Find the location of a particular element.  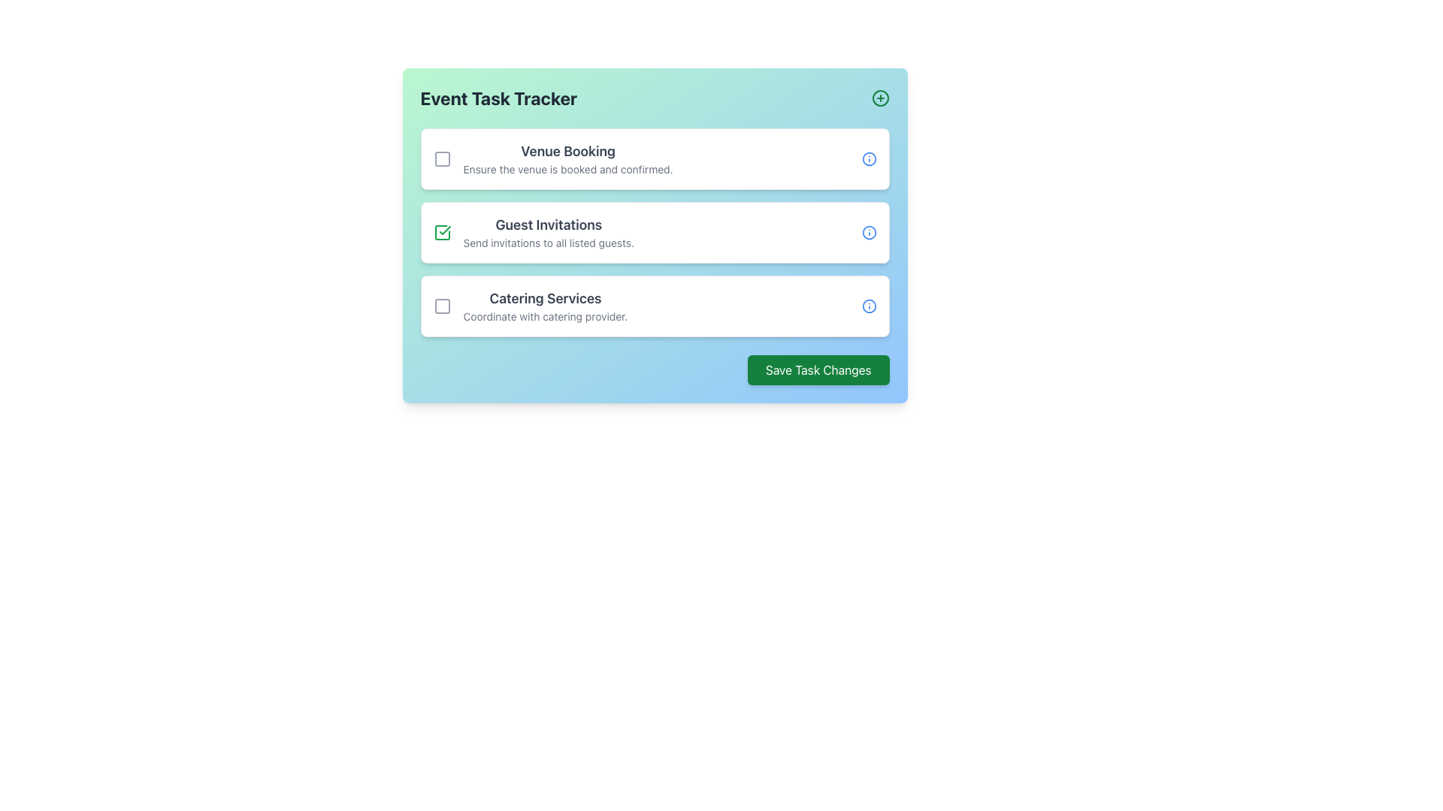

the Checkbox-like interactive icon preceding the 'Catering Services' list item is located at coordinates (441, 306).